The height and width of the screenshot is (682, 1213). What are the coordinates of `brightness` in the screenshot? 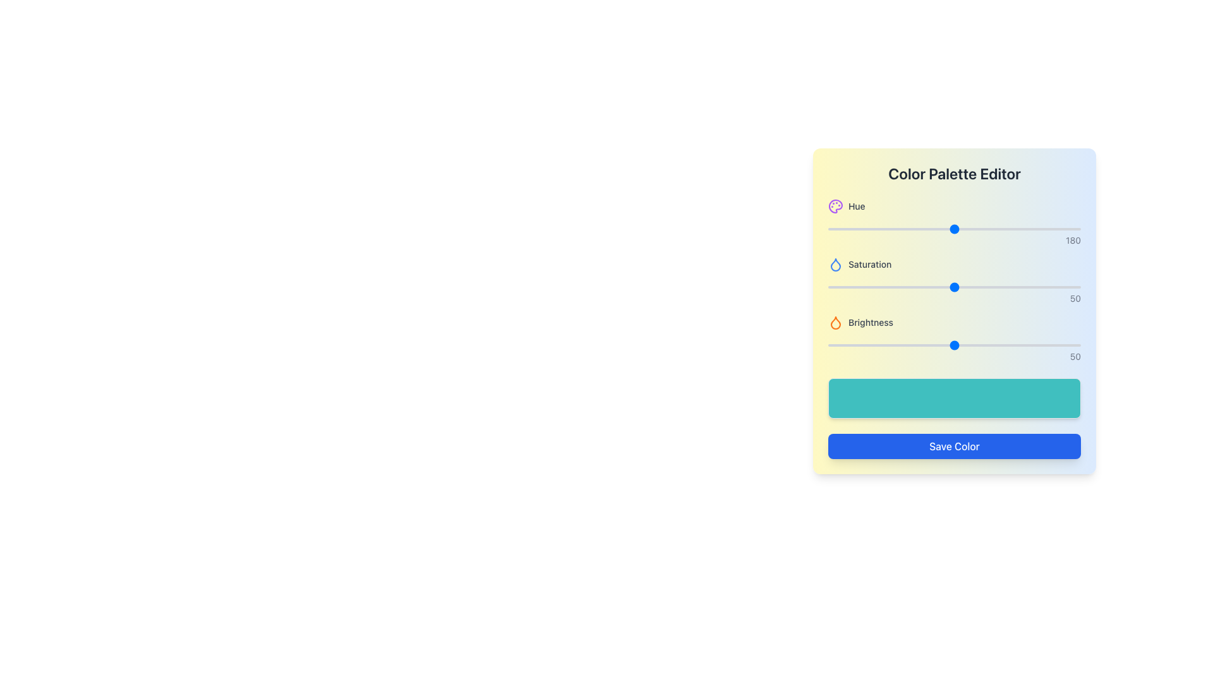 It's located at (843, 345).